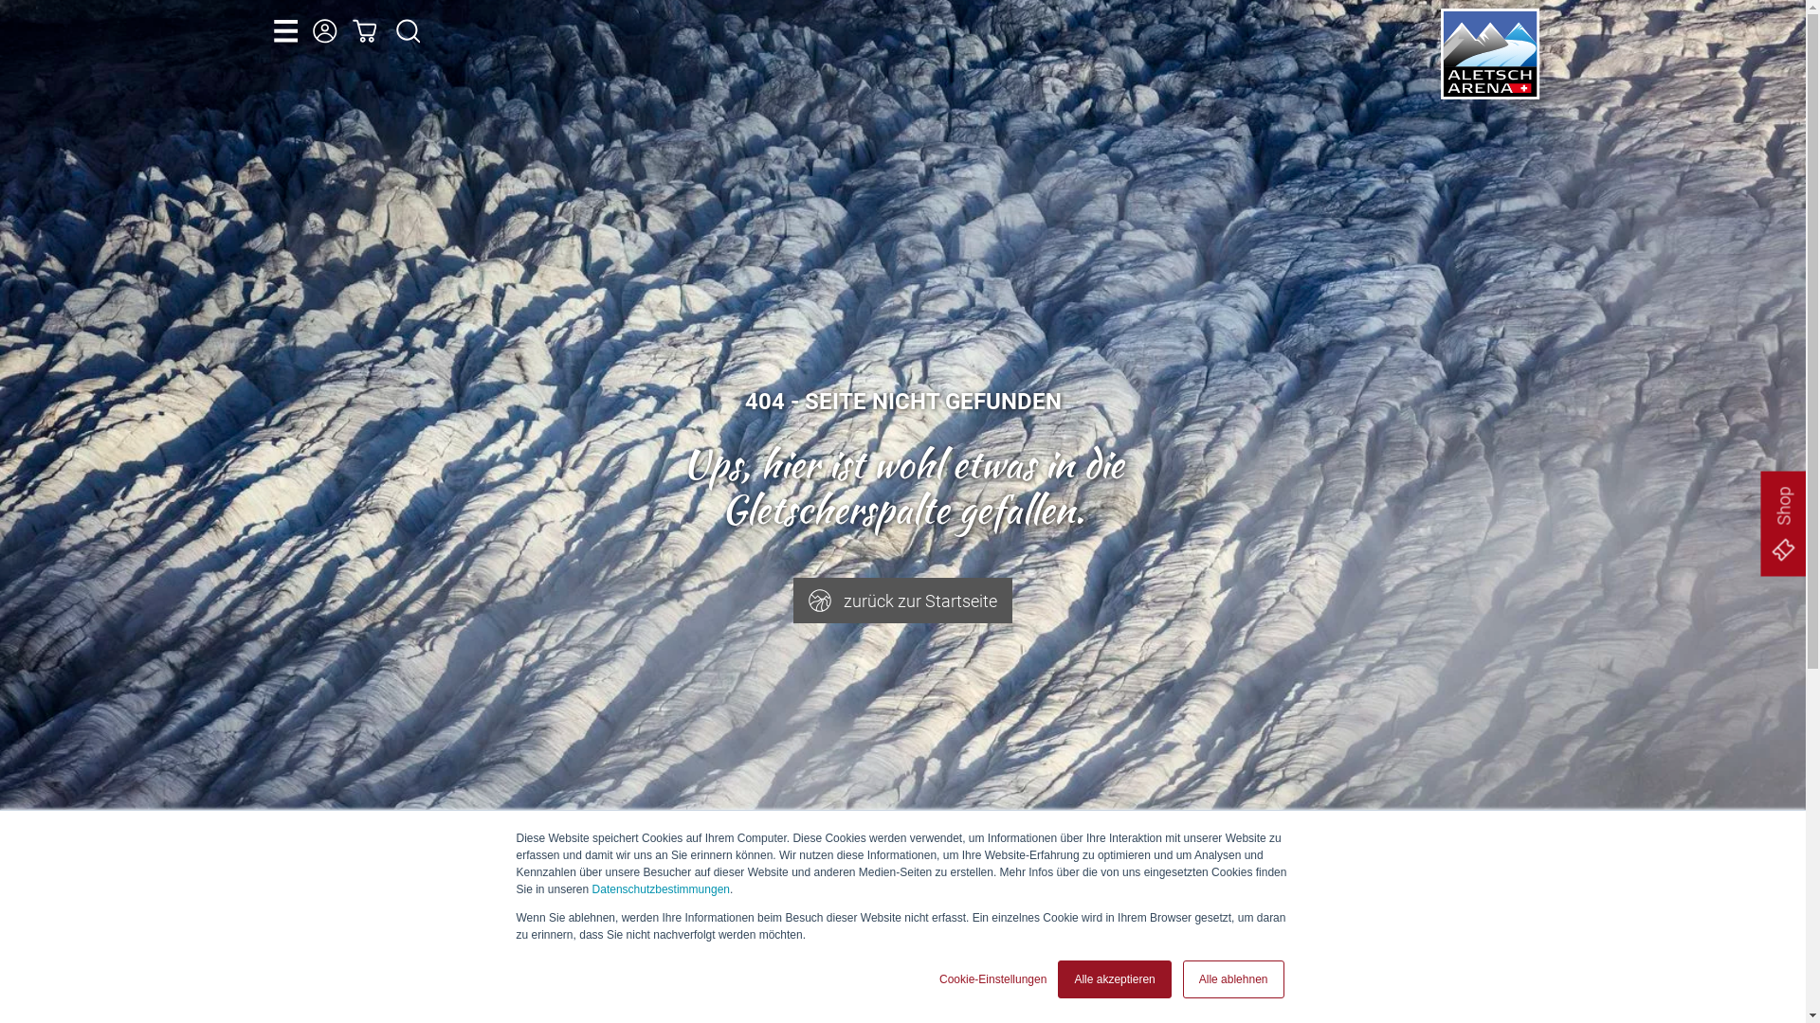  What do you see at coordinates (1114, 978) in the screenshot?
I see `'Alle akzeptieren'` at bounding box center [1114, 978].